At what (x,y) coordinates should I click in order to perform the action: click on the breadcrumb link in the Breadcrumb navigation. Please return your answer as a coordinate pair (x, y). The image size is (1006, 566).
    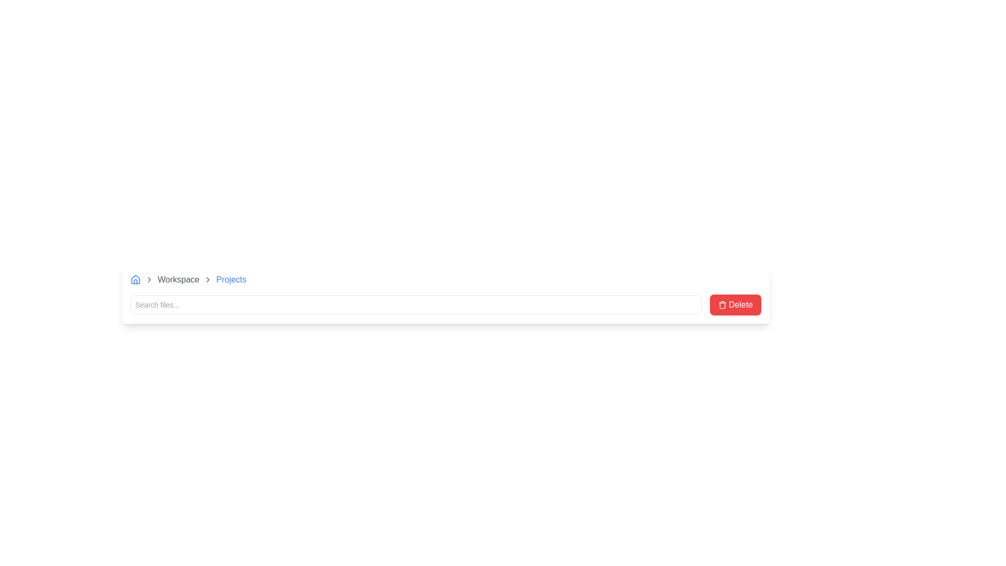
    Looking at the image, I should click on (445, 279).